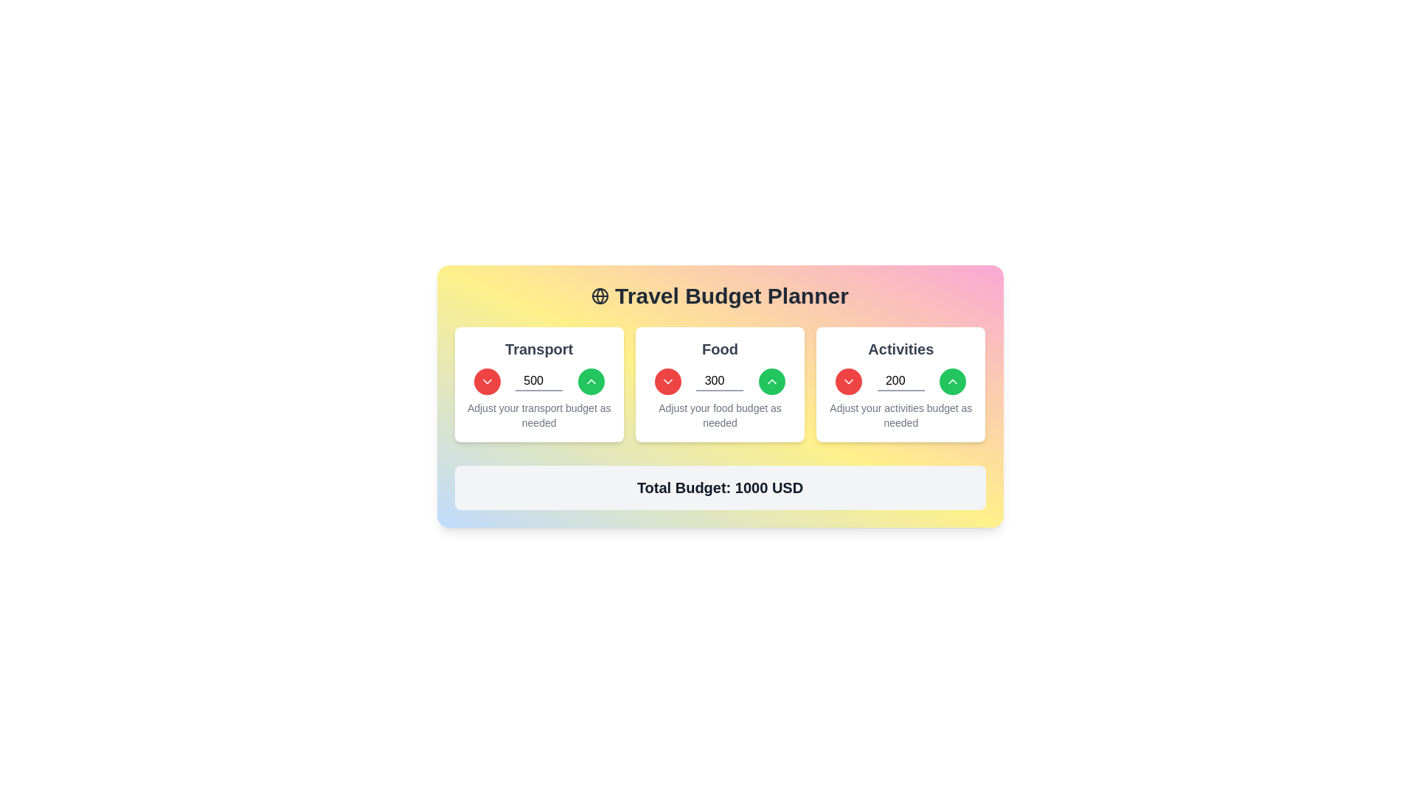  What do you see at coordinates (771, 380) in the screenshot?
I see `the circular green button with a white upward-facing chevron icon located` at bounding box center [771, 380].